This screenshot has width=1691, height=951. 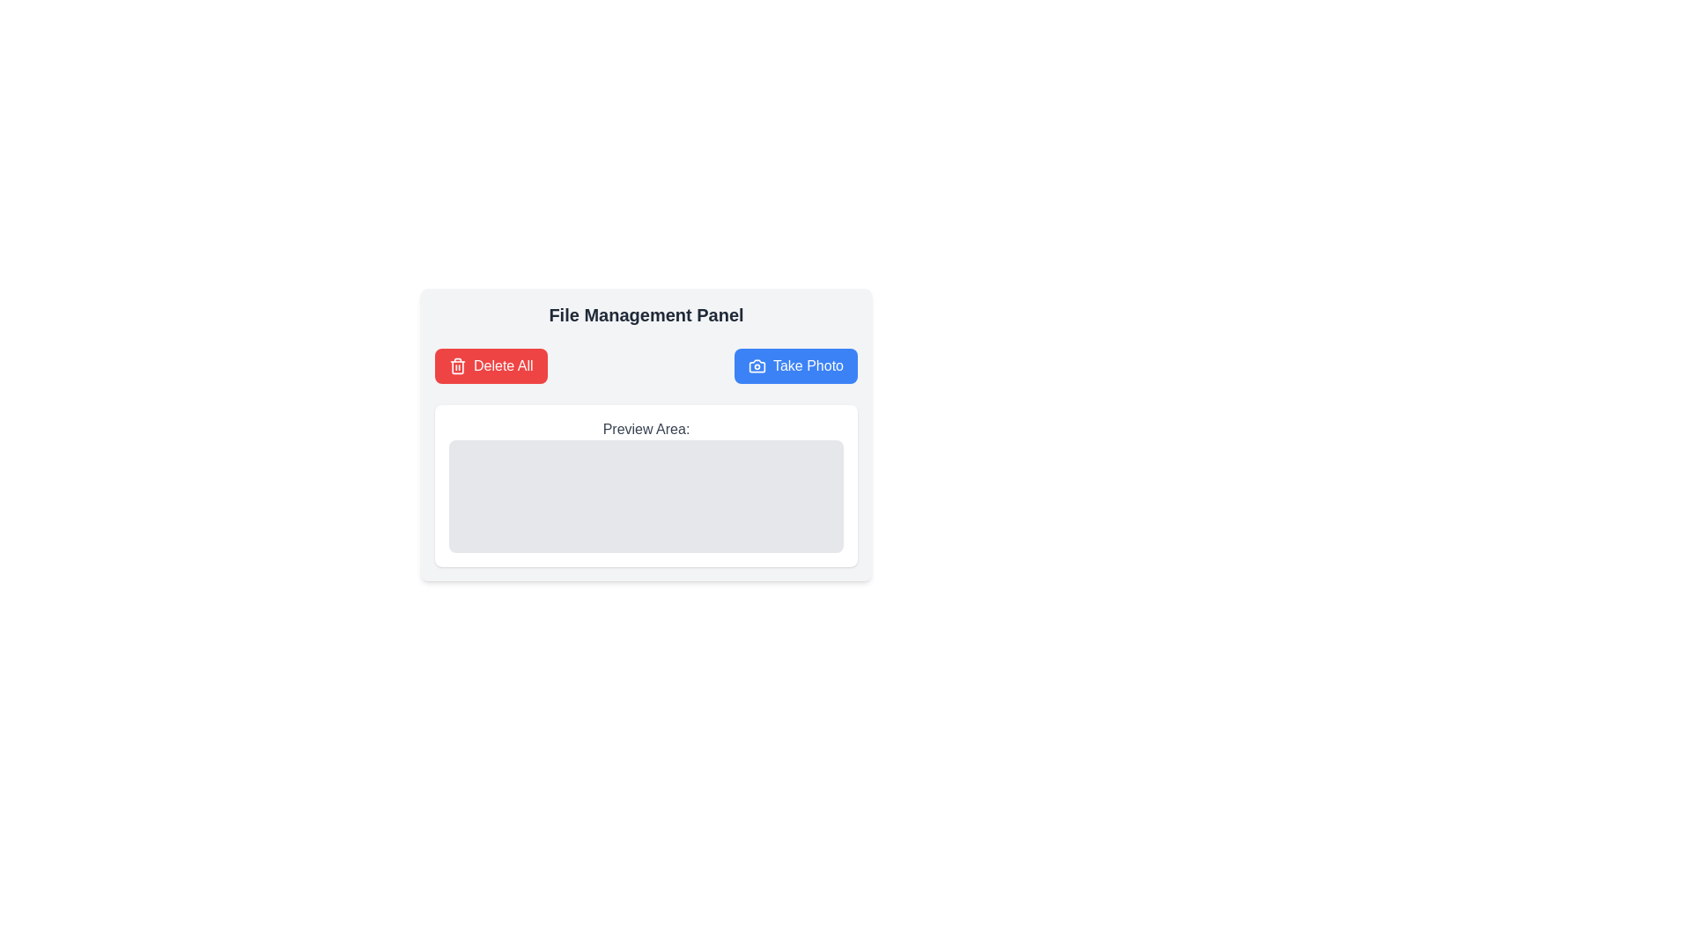 I want to click on the designated display area within the 'File Management Panel', located below the 'Delete All' and 'Take Photo' buttons, which is labeled 'Preview Area:', so click(x=646, y=496).